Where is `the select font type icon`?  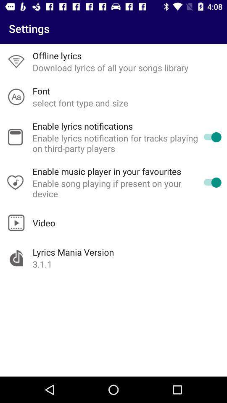
the select font type icon is located at coordinates (80, 102).